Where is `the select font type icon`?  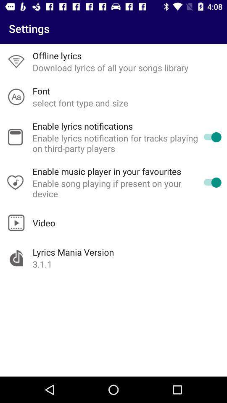
the select font type icon is located at coordinates (80, 102).